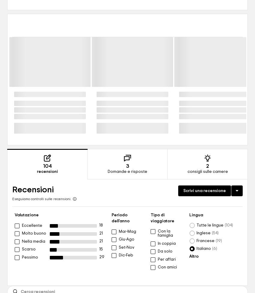 This screenshot has height=293, width=255. Describe the element at coordinates (196, 232) in the screenshot. I see `'Inglese'` at that location.